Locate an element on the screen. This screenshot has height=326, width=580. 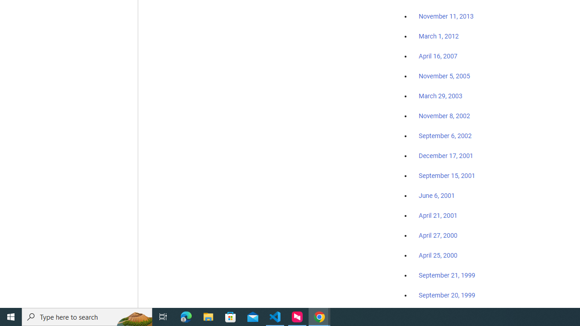
'November 8, 2002' is located at coordinates (445, 115).